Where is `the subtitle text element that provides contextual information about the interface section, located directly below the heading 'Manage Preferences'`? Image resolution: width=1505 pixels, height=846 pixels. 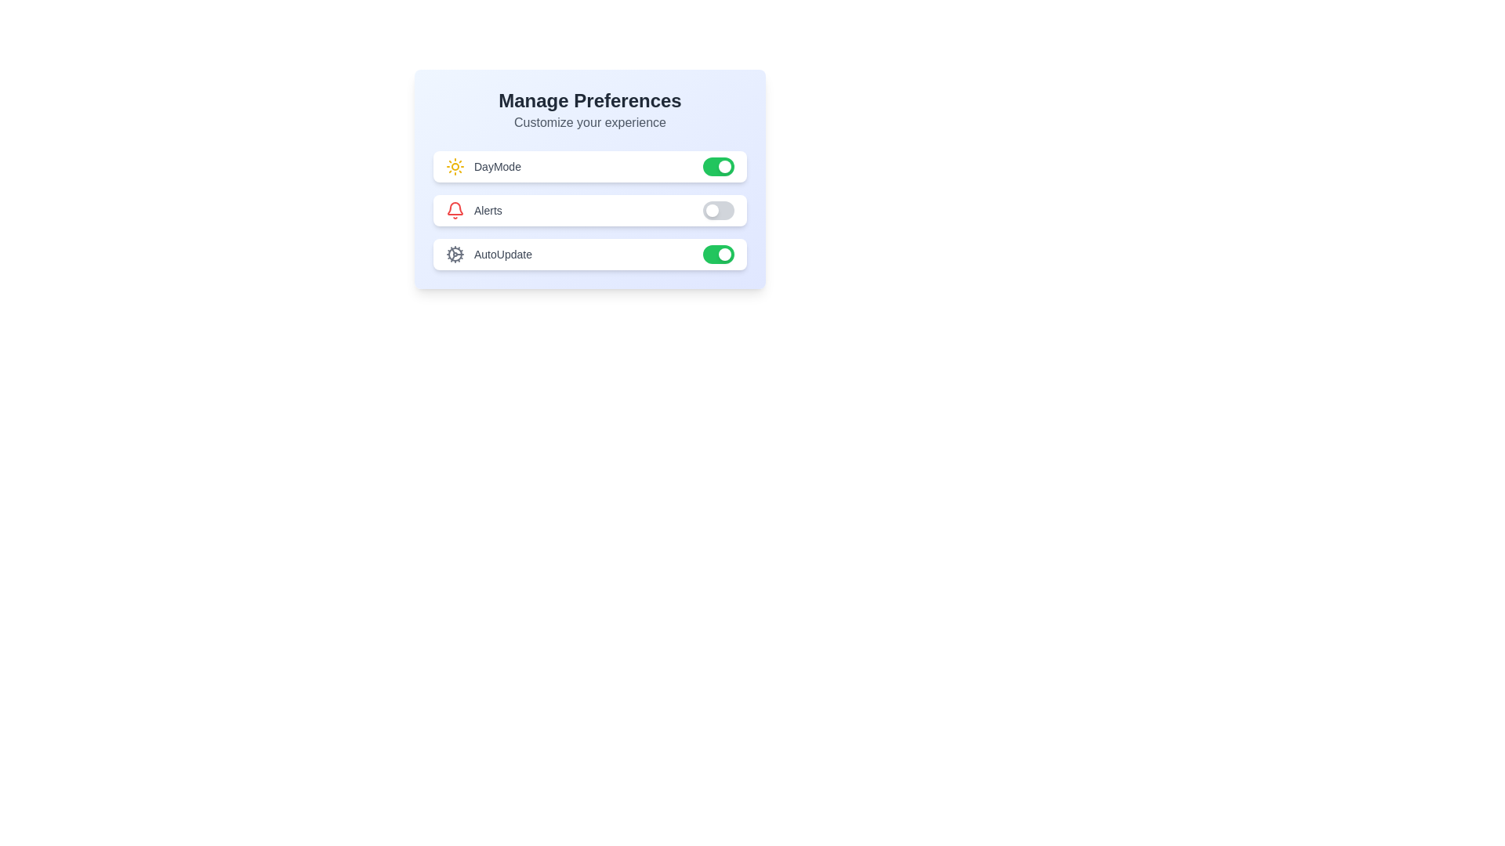 the subtitle text element that provides contextual information about the interface section, located directly below the heading 'Manage Preferences' is located at coordinates (589, 122).